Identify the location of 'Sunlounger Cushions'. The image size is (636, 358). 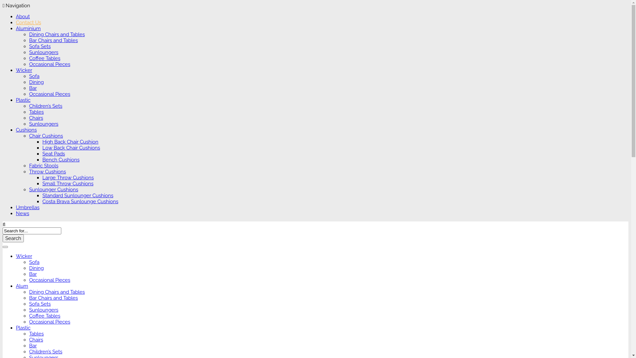
(54, 189).